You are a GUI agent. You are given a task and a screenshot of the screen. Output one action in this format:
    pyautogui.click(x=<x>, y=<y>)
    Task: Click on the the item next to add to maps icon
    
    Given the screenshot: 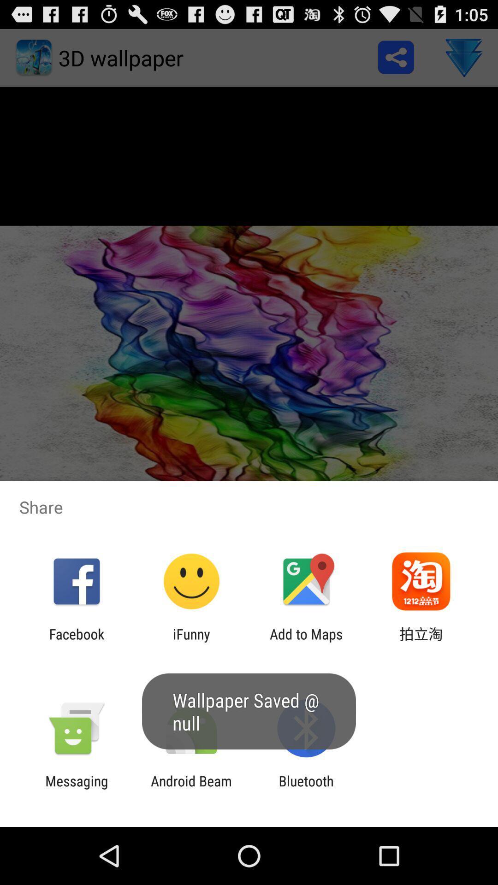 What is the action you would take?
    pyautogui.click(x=421, y=642)
    